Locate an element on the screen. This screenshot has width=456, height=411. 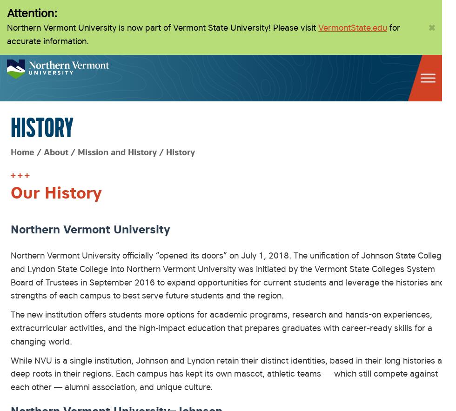
'Attention:' is located at coordinates (32, 13).